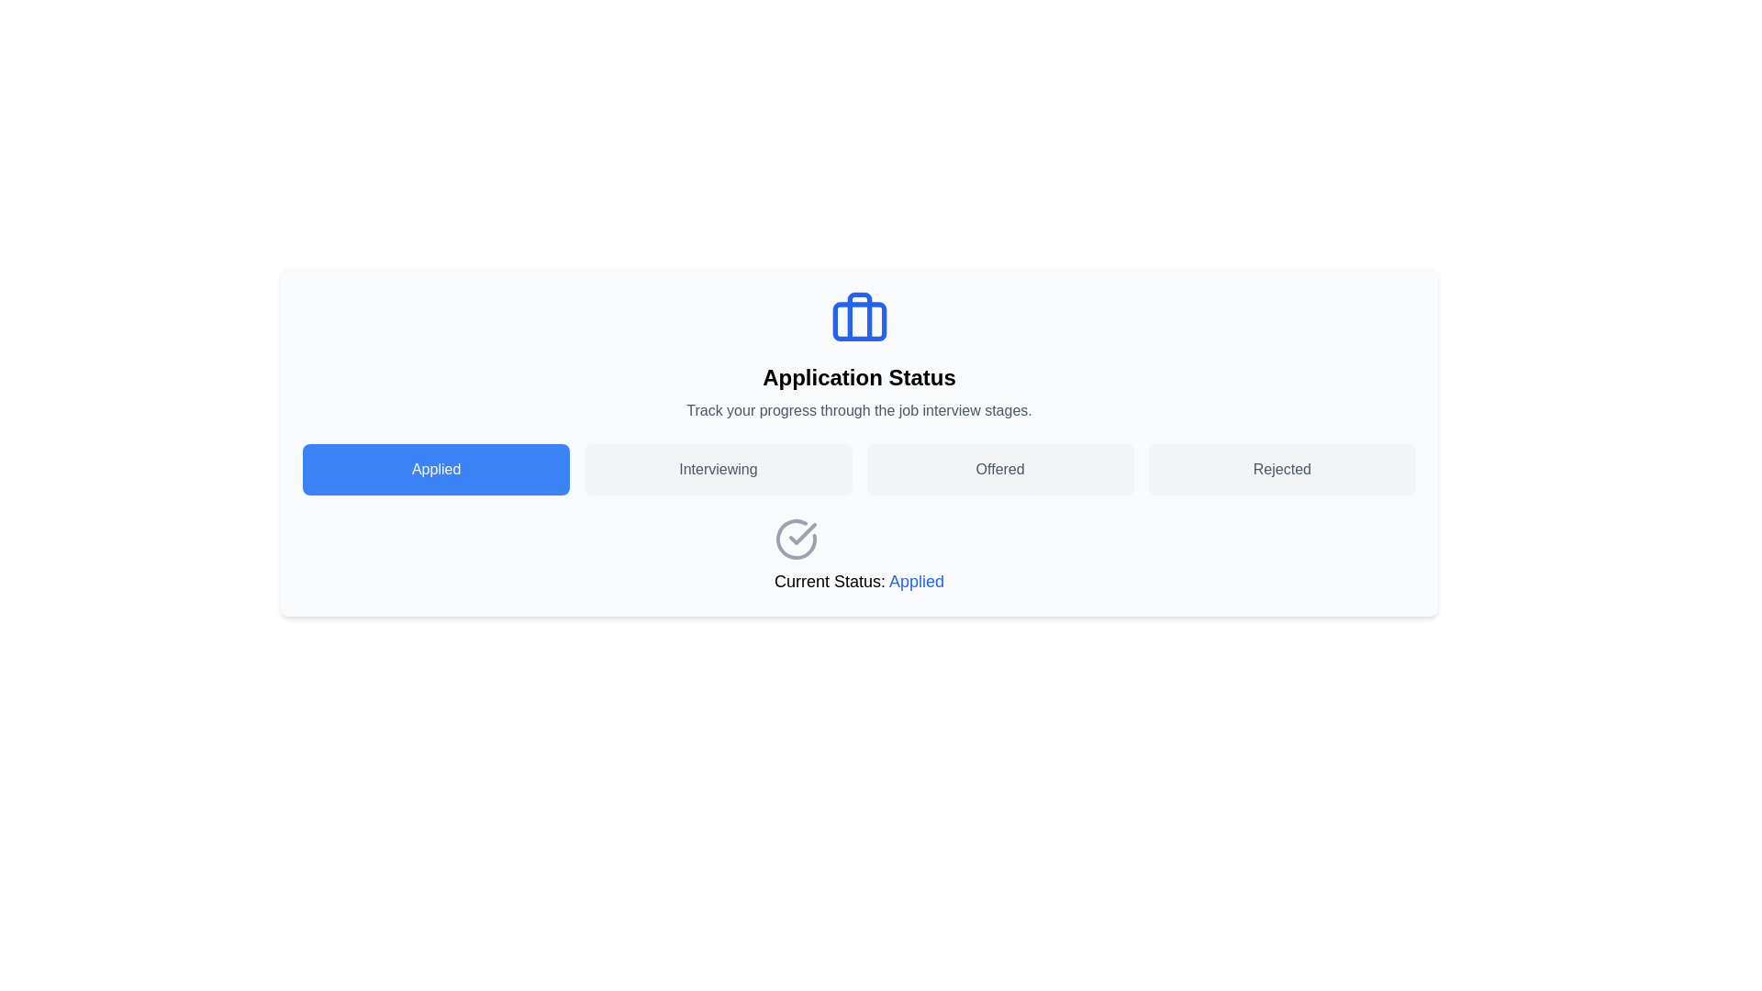 The height and width of the screenshot is (991, 1762). Describe the element at coordinates (717, 469) in the screenshot. I see `the 'Interviewing' button, which is the second in a series of four horizontally aligned buttons in a multi-step process tracker` at that location.